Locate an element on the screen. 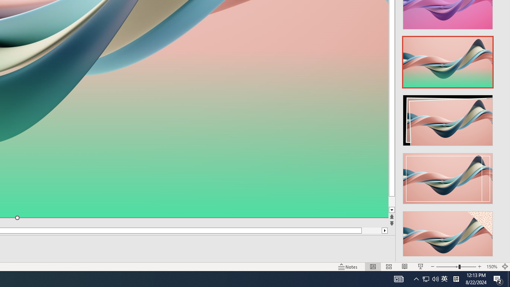 Image resolution: width=510 pixels, height=287 pixels. 'Zoom 150%' is located at coordinates (491, 267).